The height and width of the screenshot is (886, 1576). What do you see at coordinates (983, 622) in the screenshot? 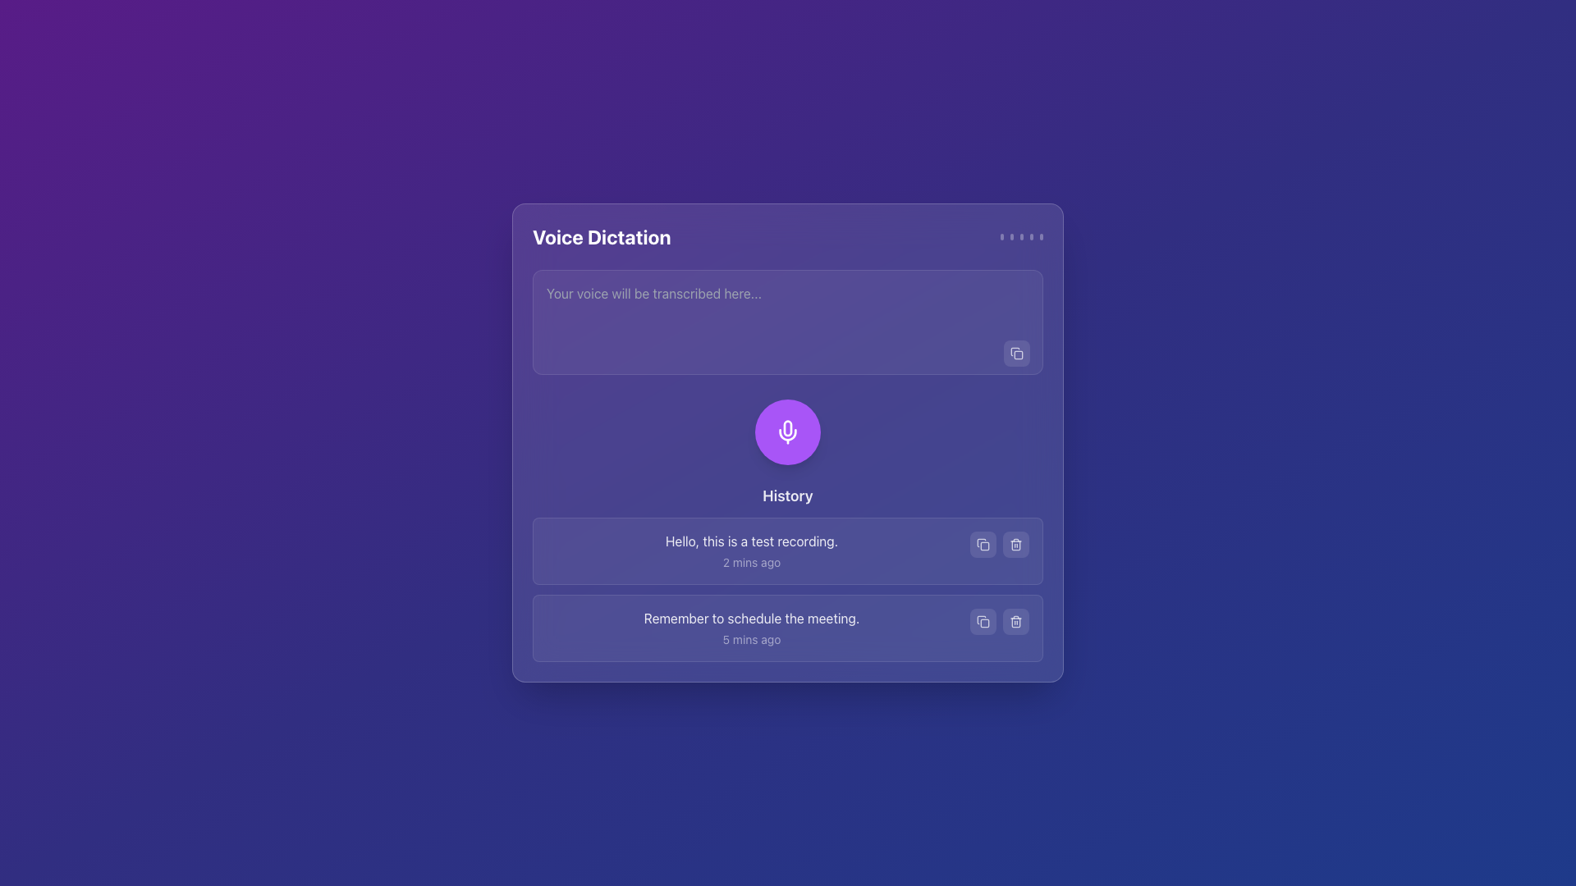
I see `the square button with a lightly rounded edge, featuring an icon of two overlapping rectangles, located at the bottom right corner of the card displaying 'Remember to schedule the meeting.'` at bounding box center [983, 622].